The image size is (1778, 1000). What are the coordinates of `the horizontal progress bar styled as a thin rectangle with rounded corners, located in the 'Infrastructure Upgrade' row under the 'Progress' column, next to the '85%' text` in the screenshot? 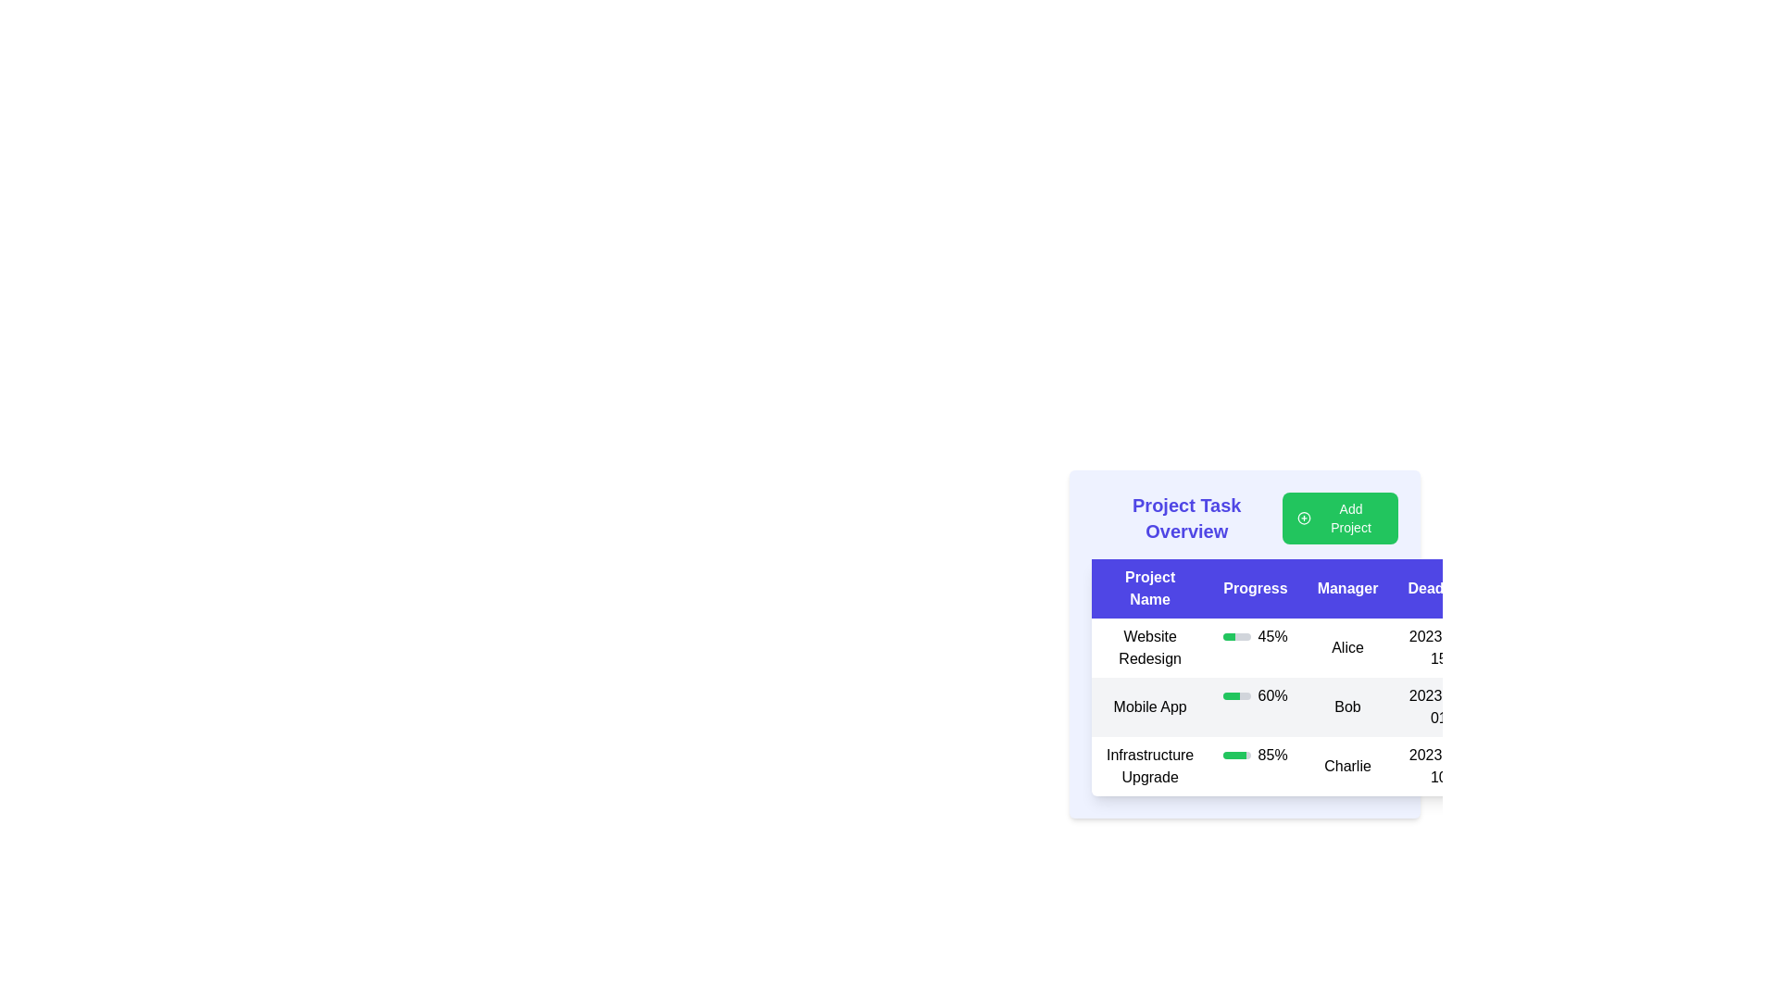 It's located at (1236, 756).